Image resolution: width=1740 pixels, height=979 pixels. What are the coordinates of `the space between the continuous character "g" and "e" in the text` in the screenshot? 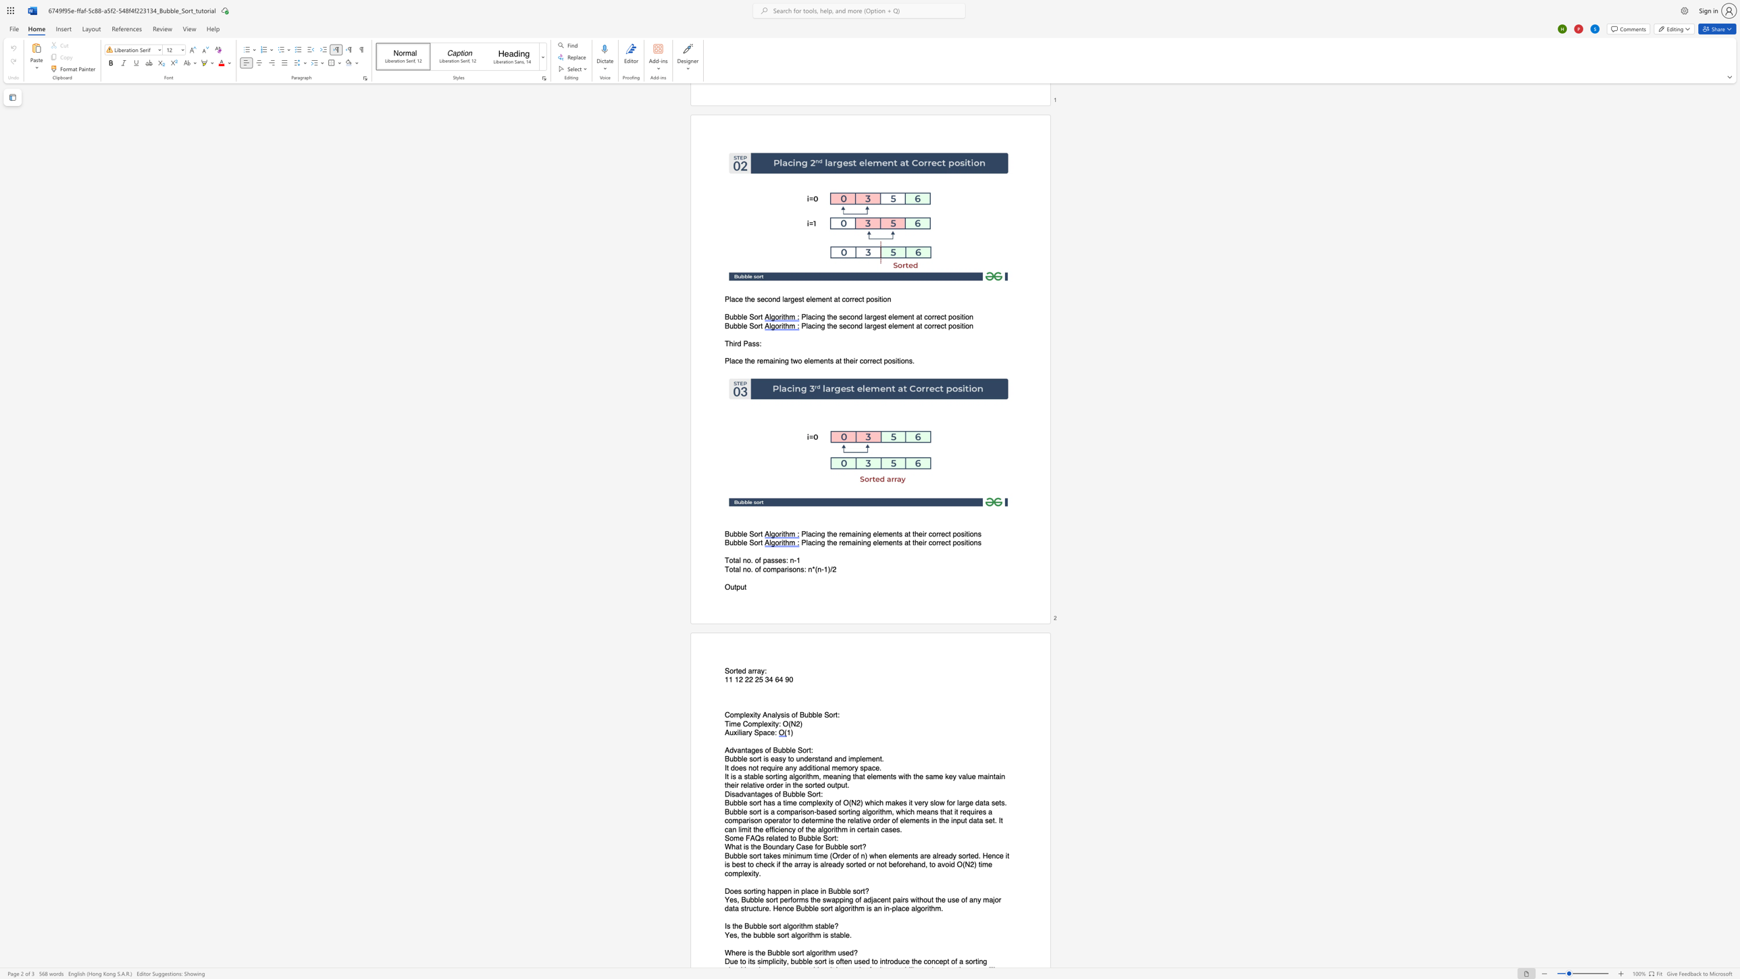 It's located at (765, 794).